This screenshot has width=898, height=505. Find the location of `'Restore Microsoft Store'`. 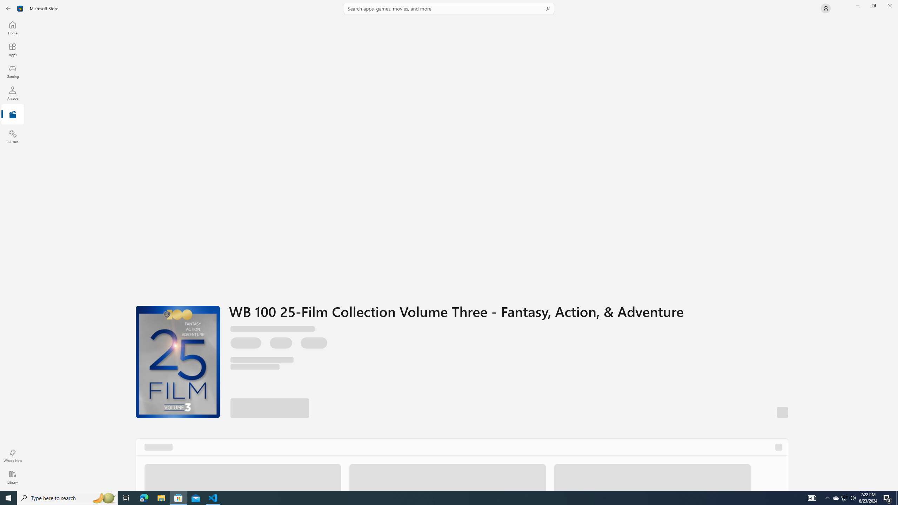

'Restore Microsoft Store' is located at coordinates (873, 5).